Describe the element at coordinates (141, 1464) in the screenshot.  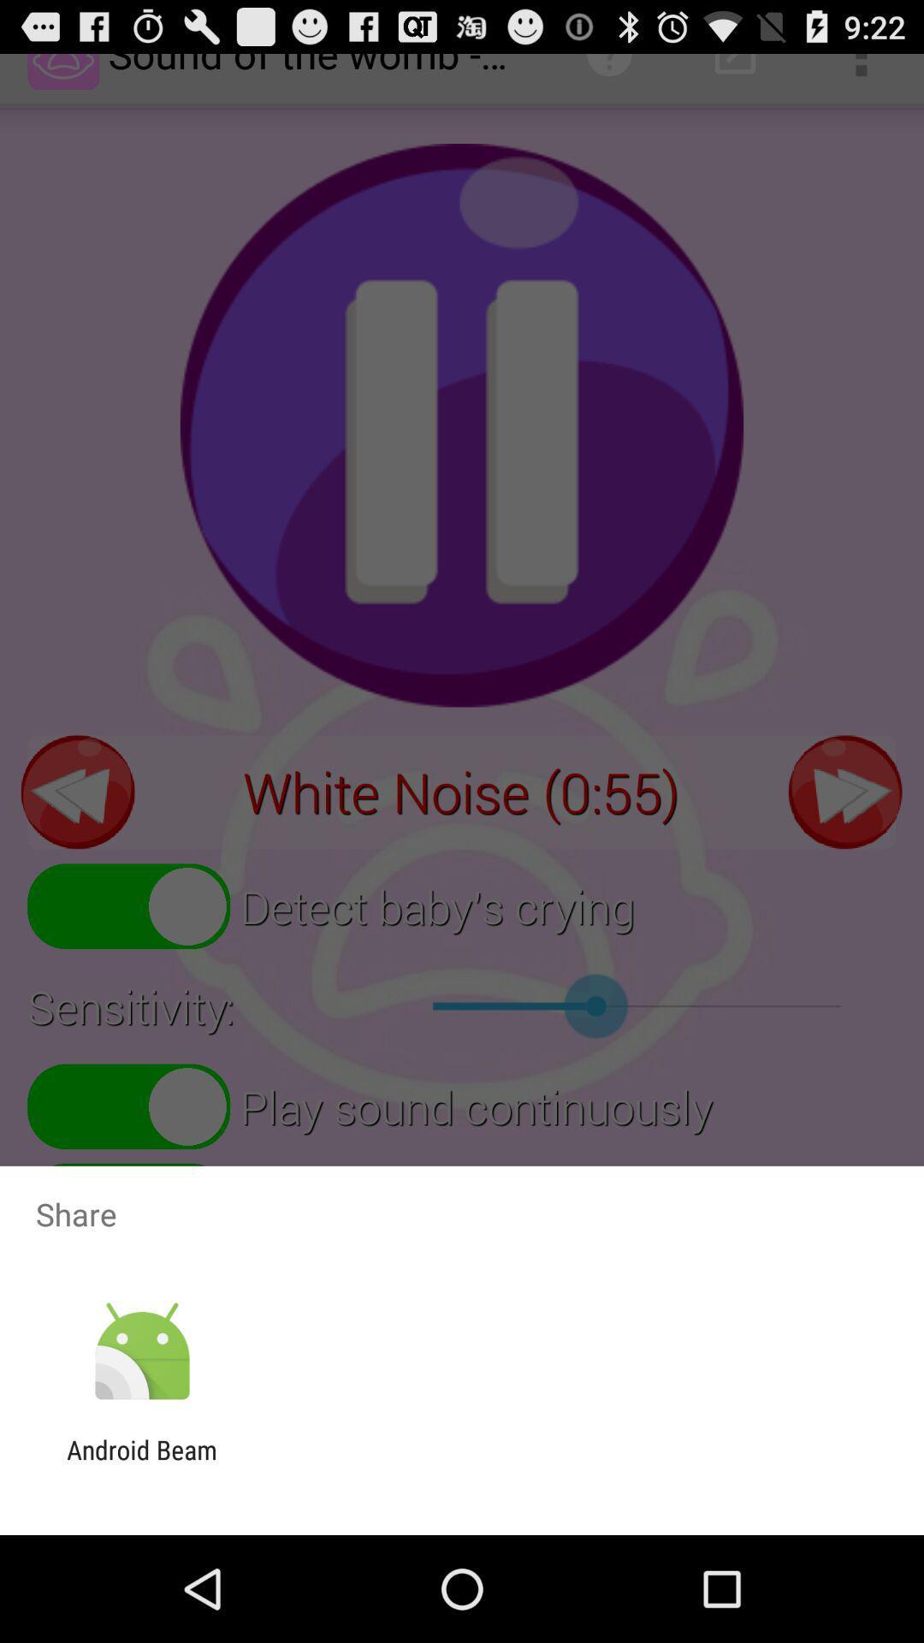
I see `android beam icon` at that location.